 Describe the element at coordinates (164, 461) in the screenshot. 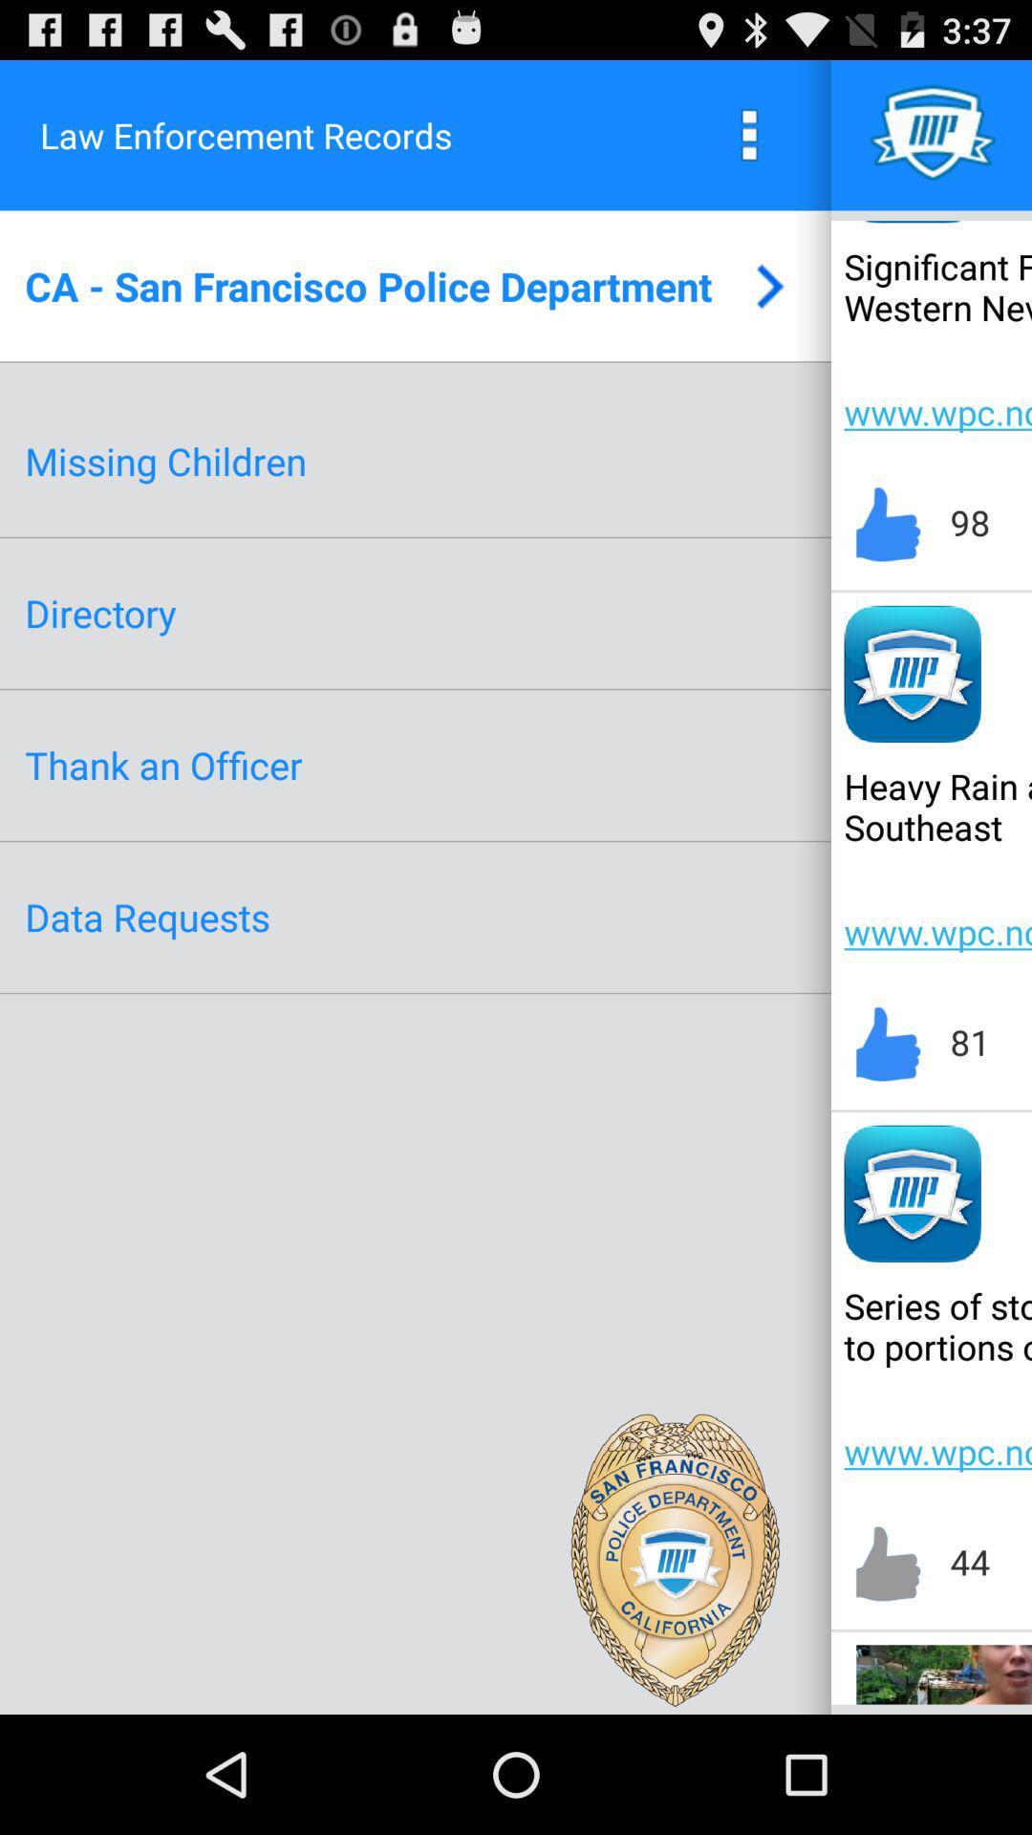

I see `app above directory item` at that location.